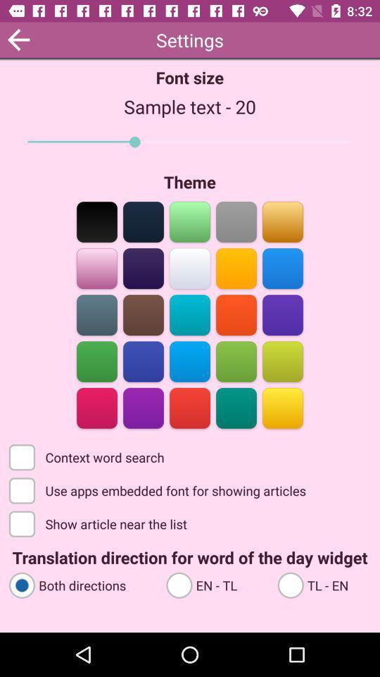  I want to click on forest green color, so click(236, 360).